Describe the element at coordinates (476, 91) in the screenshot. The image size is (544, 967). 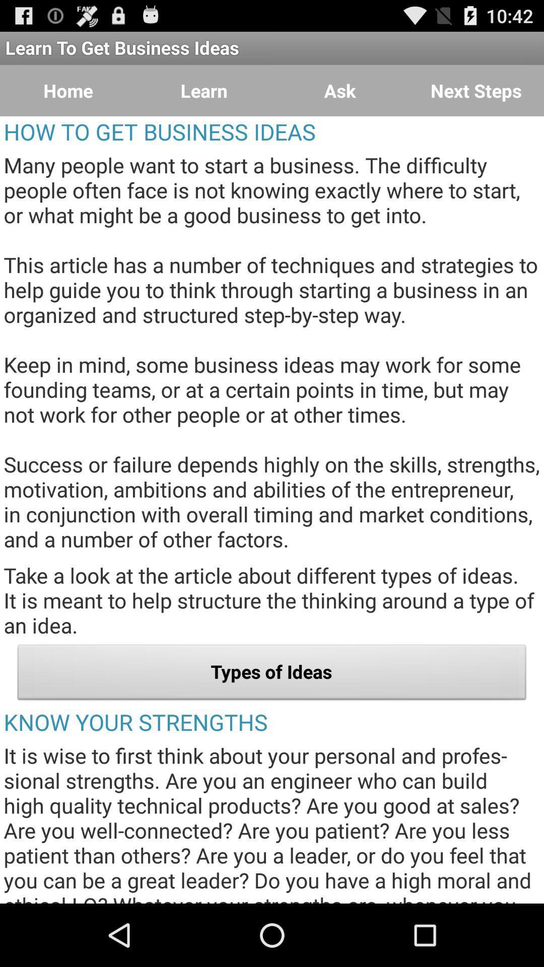
I see `next steps item` at that location.